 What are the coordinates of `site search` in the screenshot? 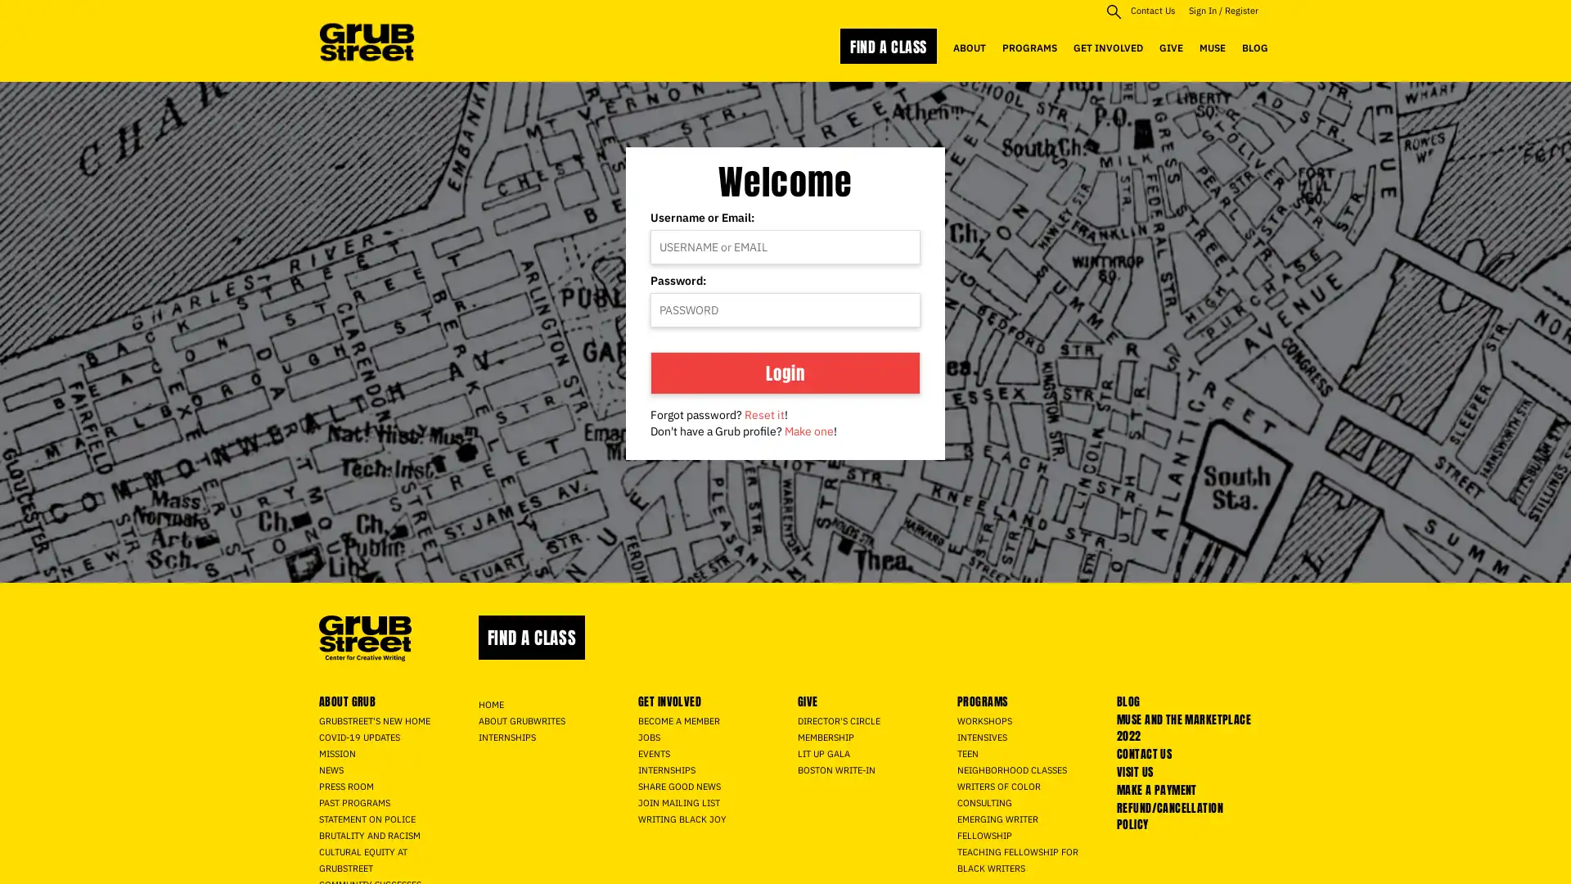 It's located at (1113, 11).